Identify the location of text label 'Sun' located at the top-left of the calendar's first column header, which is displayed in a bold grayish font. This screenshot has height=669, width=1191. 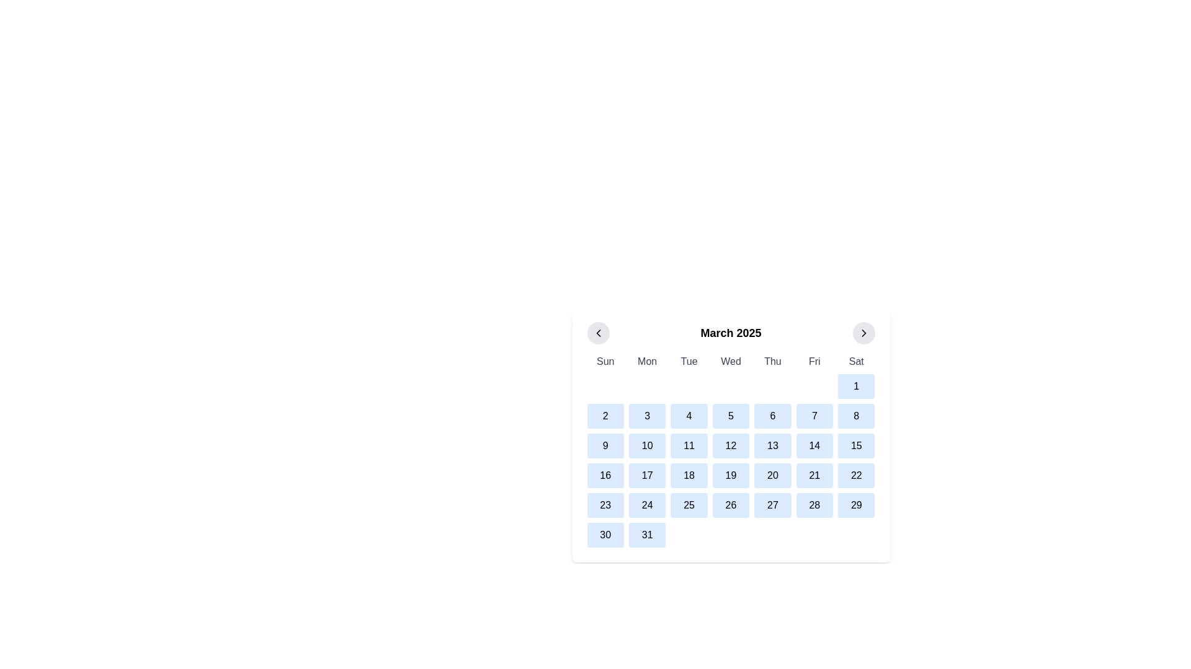
(605, 361).